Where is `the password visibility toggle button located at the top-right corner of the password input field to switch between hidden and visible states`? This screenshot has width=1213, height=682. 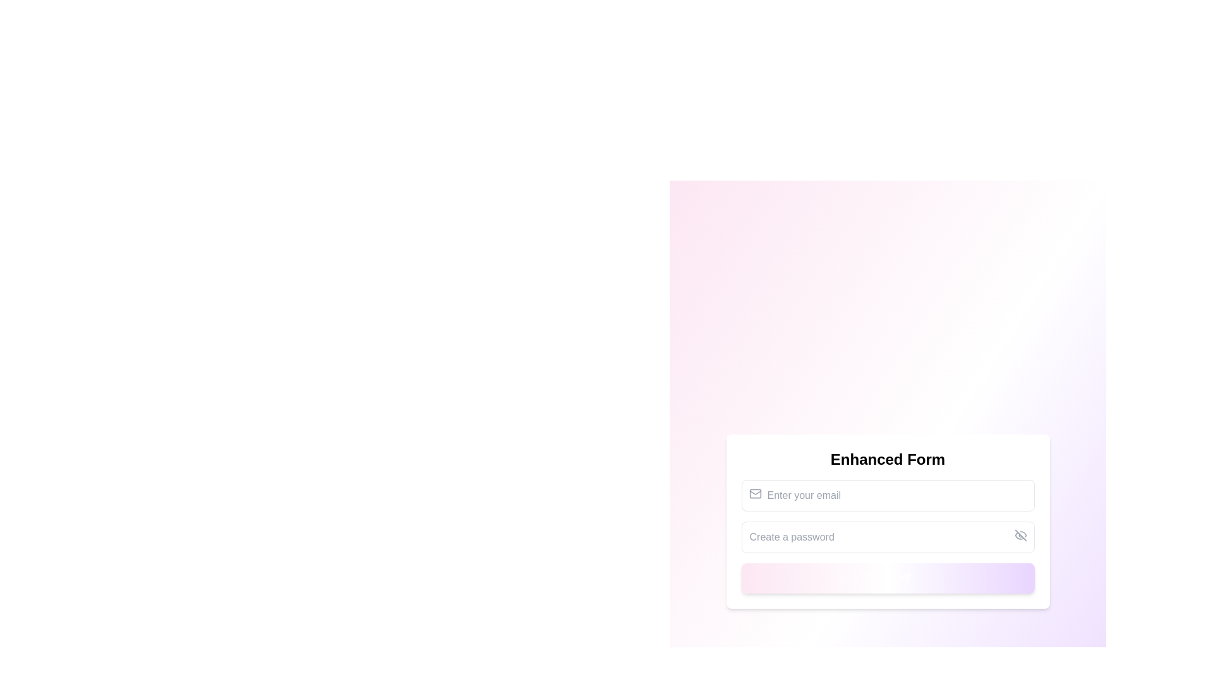
the password visibility toggle button located at the top-right corner of the password input field to switch between hidden and visible states is located at coordinates (1020, 535).